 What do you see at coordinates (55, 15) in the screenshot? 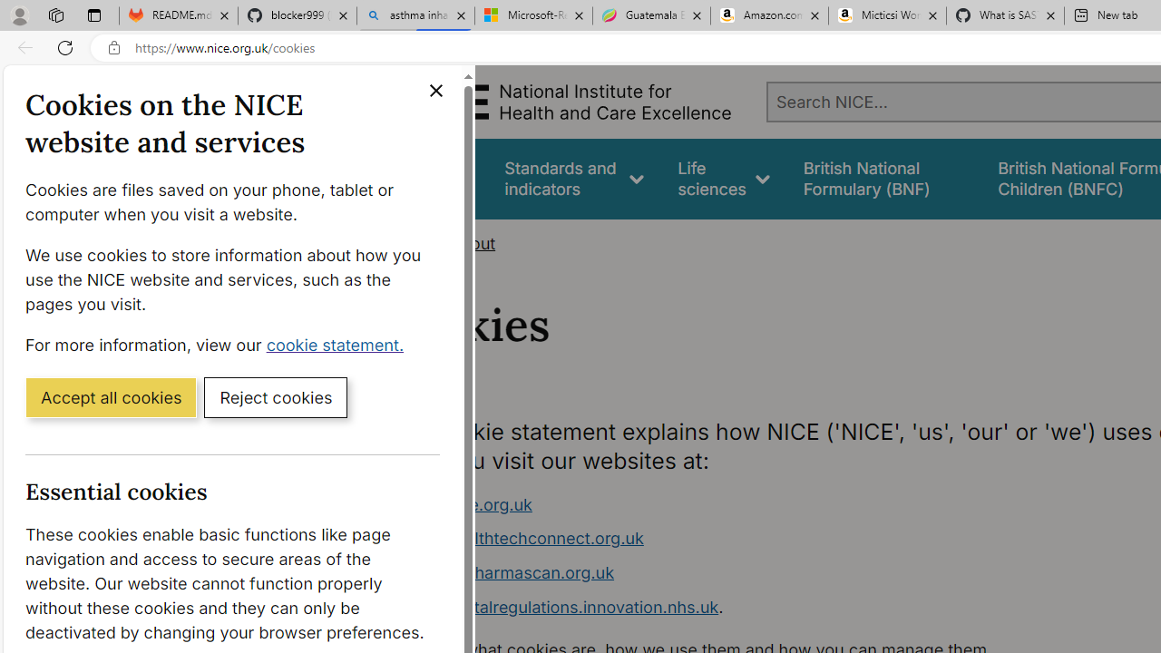
I see `'Workspaces'` at bounding box center [55, 15].